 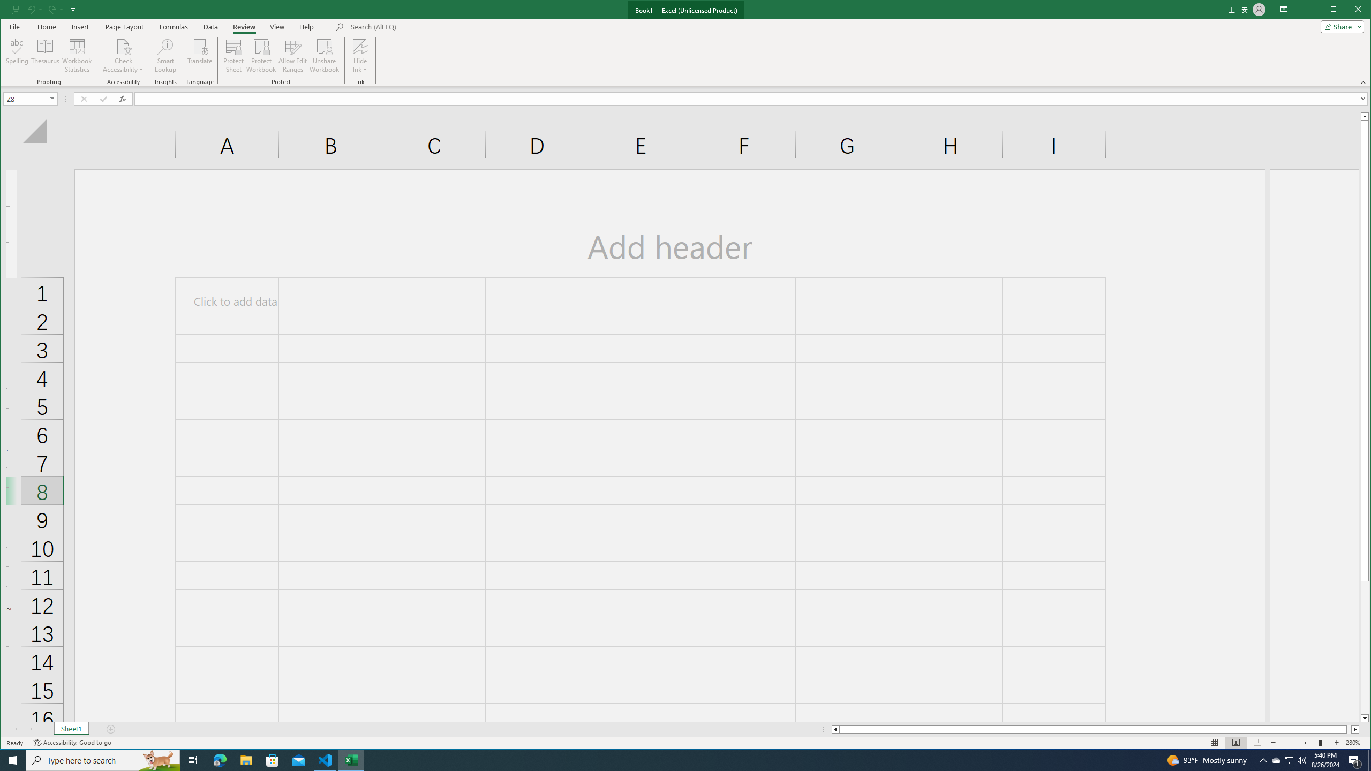 What do you see at coordinates (675, 759) in the screenshot?
I see `'Running applications'` at bounding box center [675, 759].